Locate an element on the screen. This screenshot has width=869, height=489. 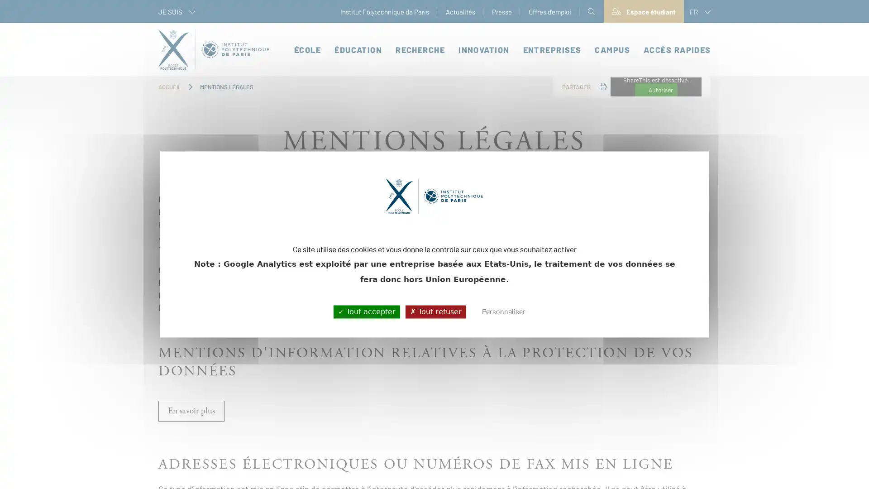
Personnaliser (fenetre modale) is located at coordinates (503, 312).